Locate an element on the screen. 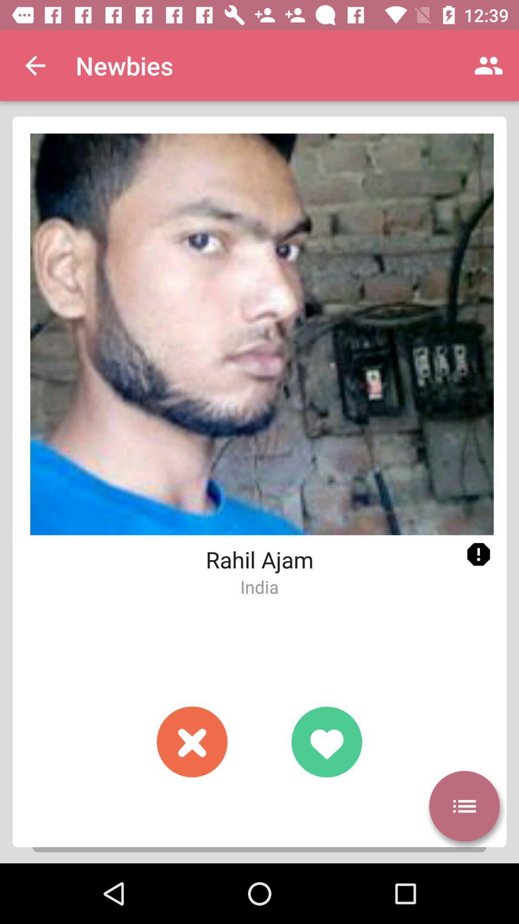 Image resolution: width=519 pixels, height=924 pixels. to heart is located at coordinates (326, 741).